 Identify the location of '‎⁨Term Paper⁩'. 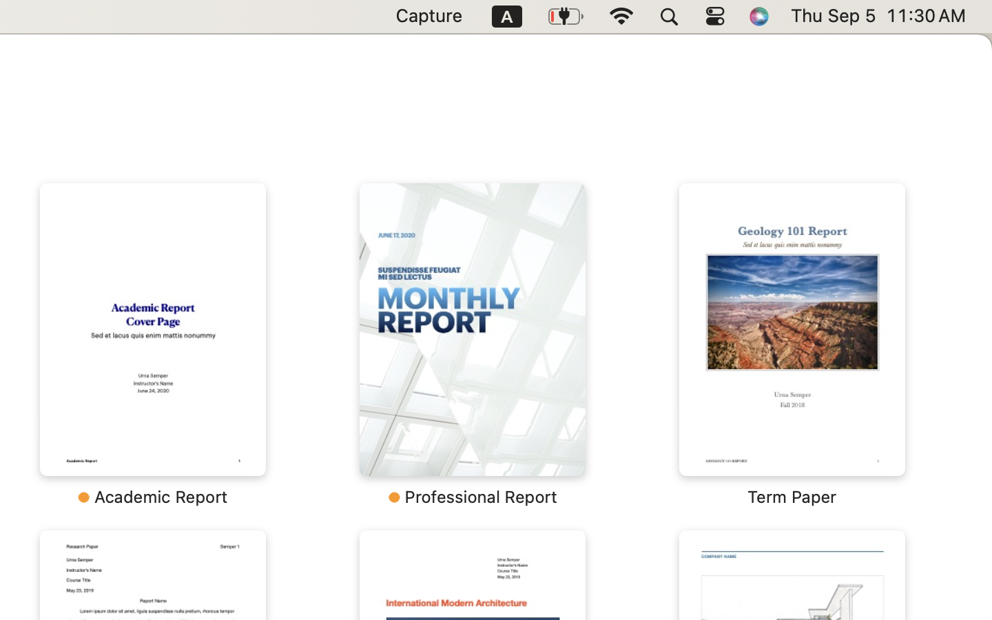
(792, 344).